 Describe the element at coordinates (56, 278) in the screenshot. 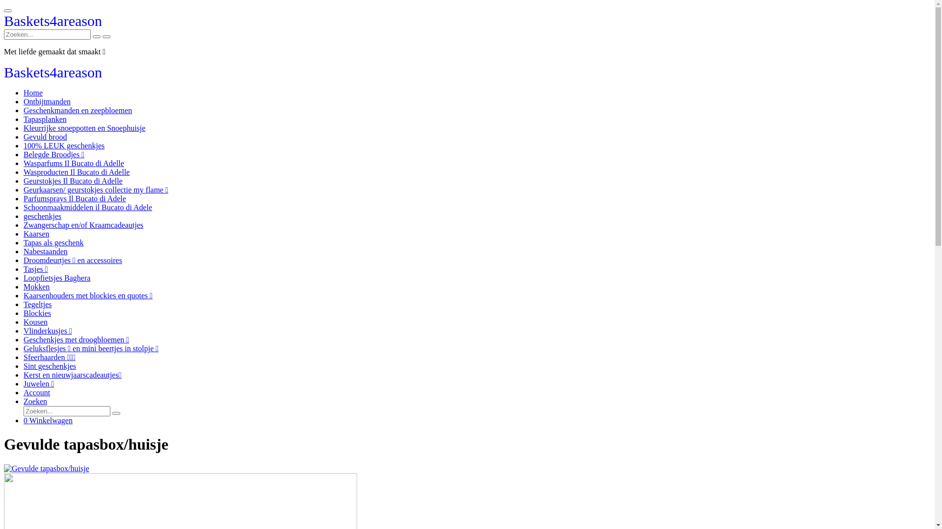

I see `'Loopfietsjes Baghera'` at that location.